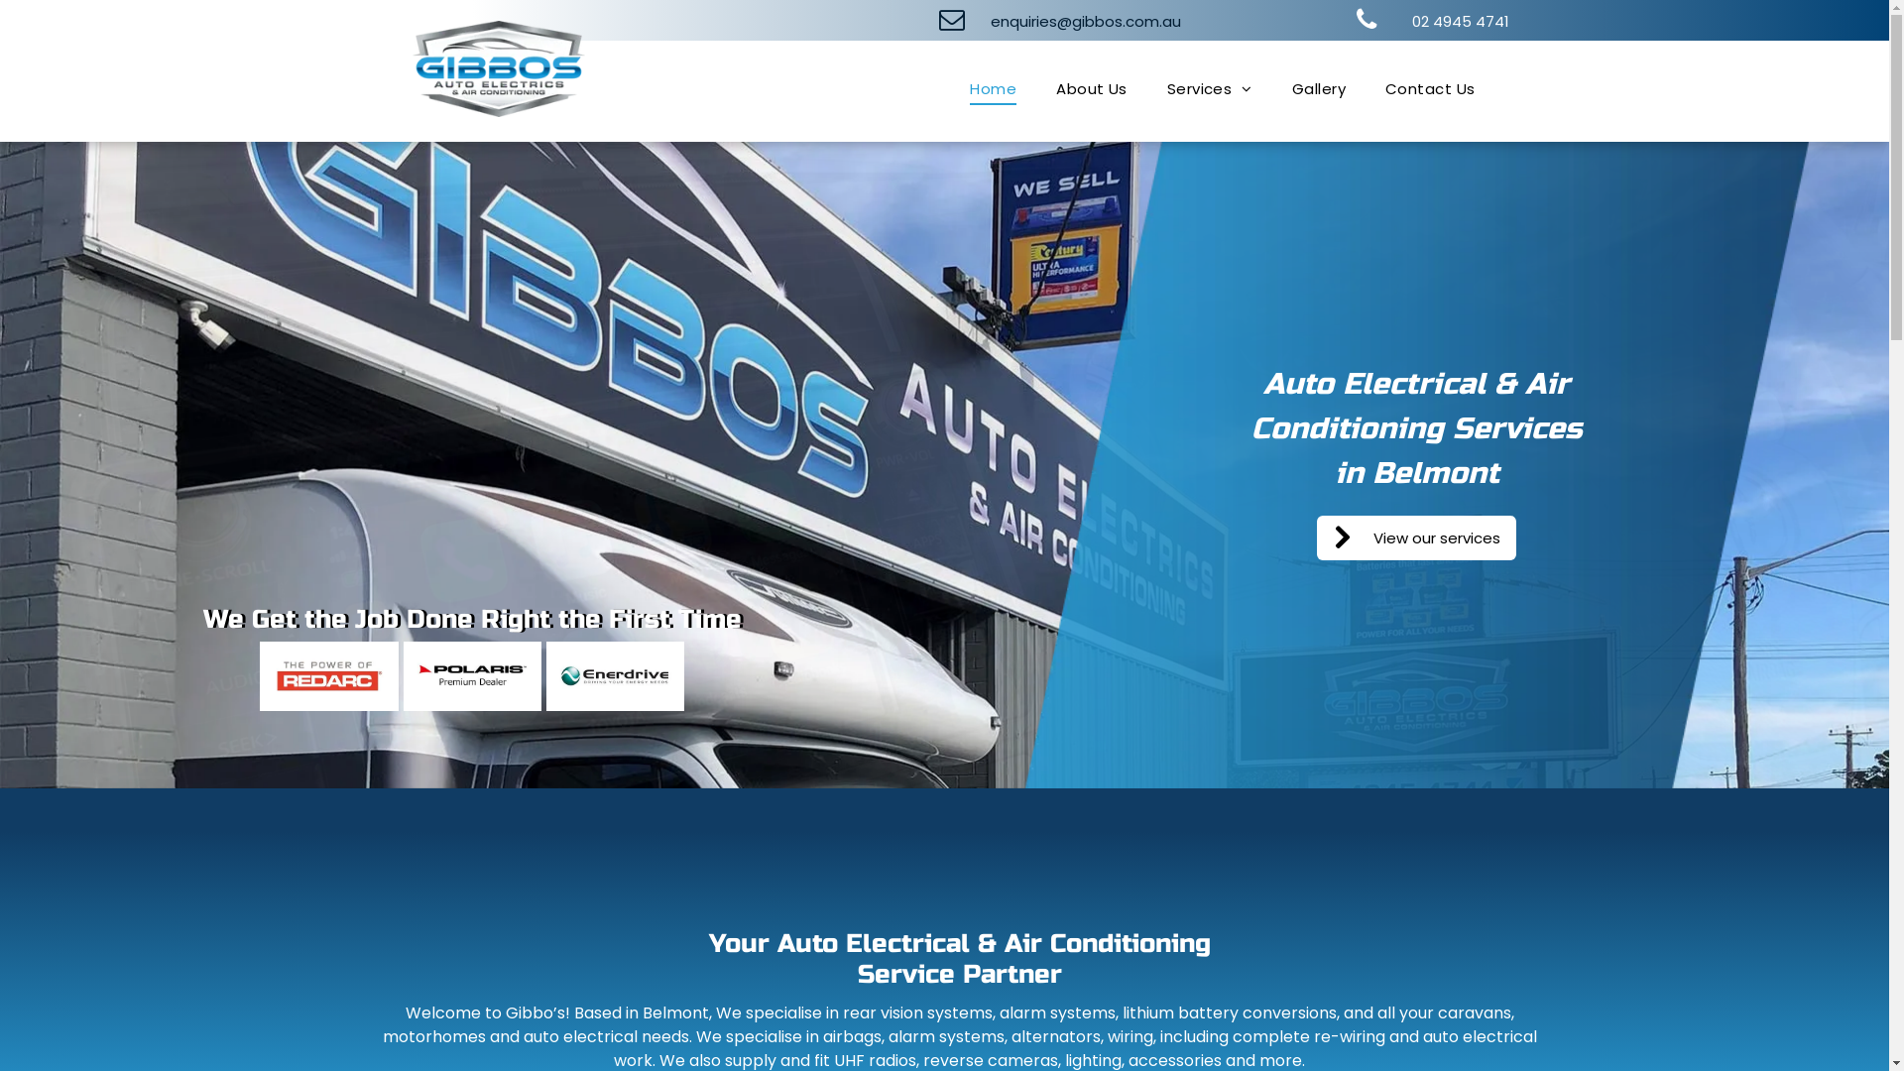  I want to click on 'enquiries@gibbos.com.au', so click(1074, 20).